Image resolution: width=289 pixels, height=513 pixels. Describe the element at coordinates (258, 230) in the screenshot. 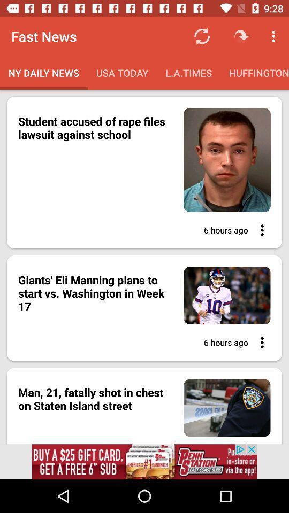

I see `open setting` at that location.